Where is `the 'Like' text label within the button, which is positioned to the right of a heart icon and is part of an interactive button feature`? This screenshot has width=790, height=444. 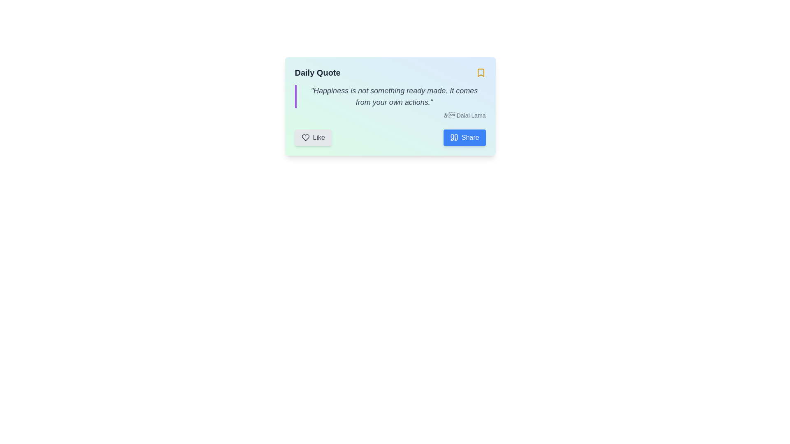 the 'Like' text label within the button, which is positioned to the right of a heart icon and is part of an interactive button feature is located at coordinates (318, 137).